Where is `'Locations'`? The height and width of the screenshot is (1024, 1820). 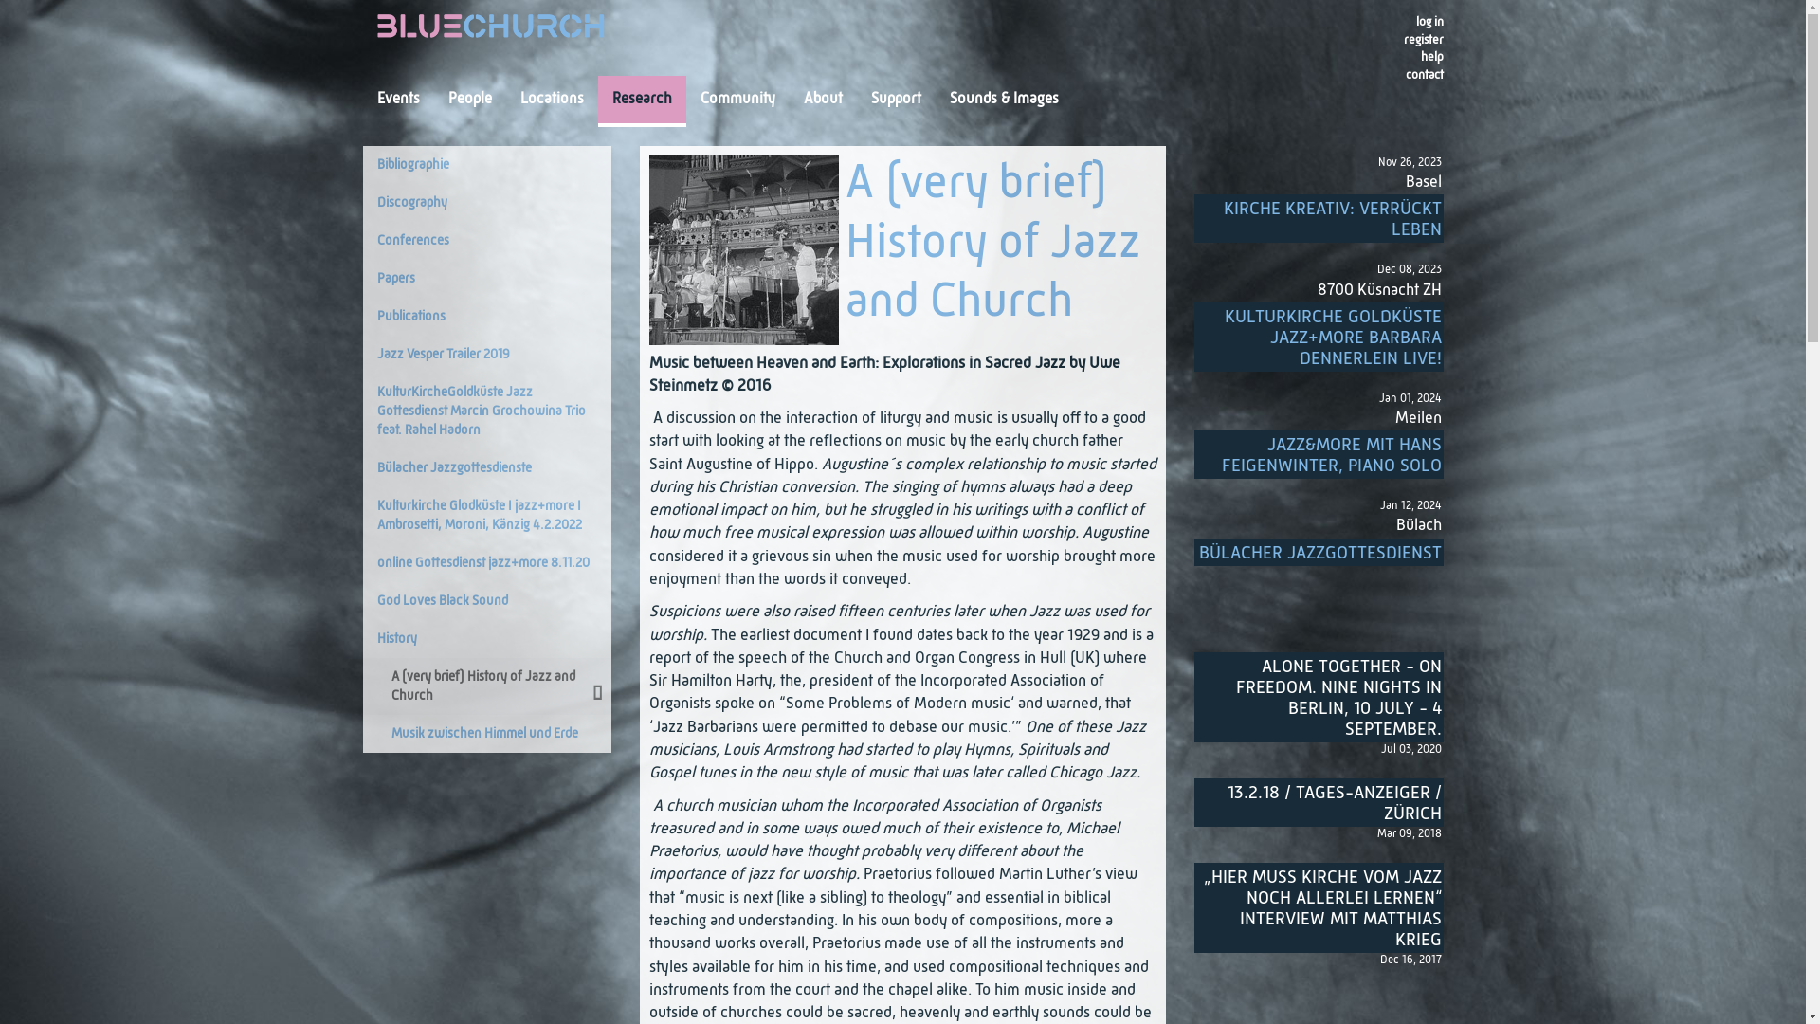 'Locations' is located at coordinates (551, 99).